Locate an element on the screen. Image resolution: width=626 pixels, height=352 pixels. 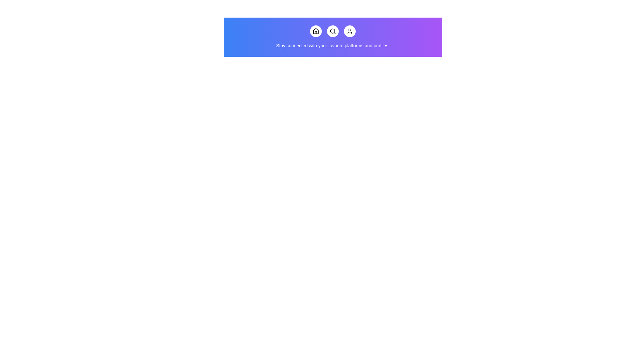
the user profile icon in the top navigation bar to observe the visual background change is located at coordinates (350, 31).